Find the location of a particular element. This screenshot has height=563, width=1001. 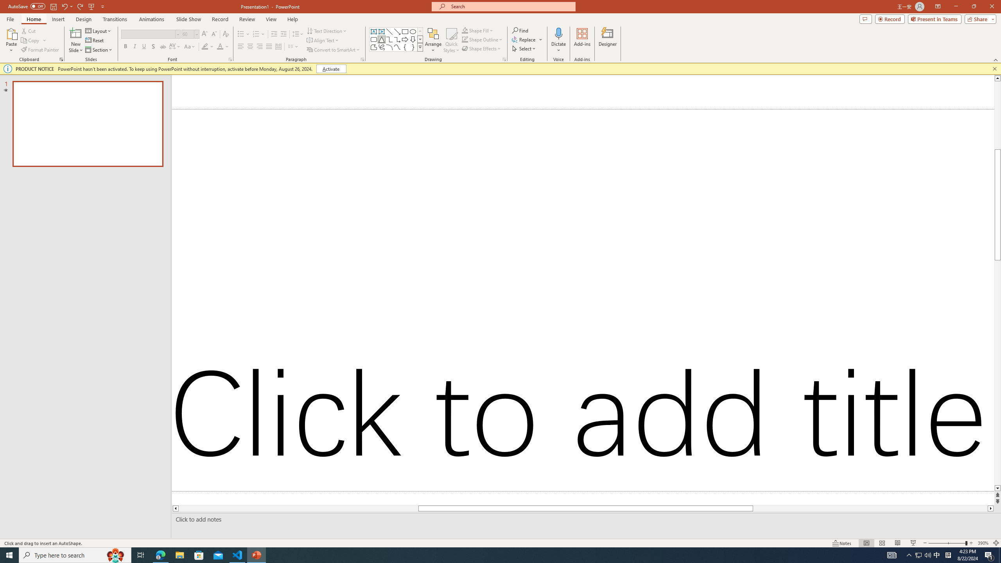

'Columns' is located at coordinates (293, 46).